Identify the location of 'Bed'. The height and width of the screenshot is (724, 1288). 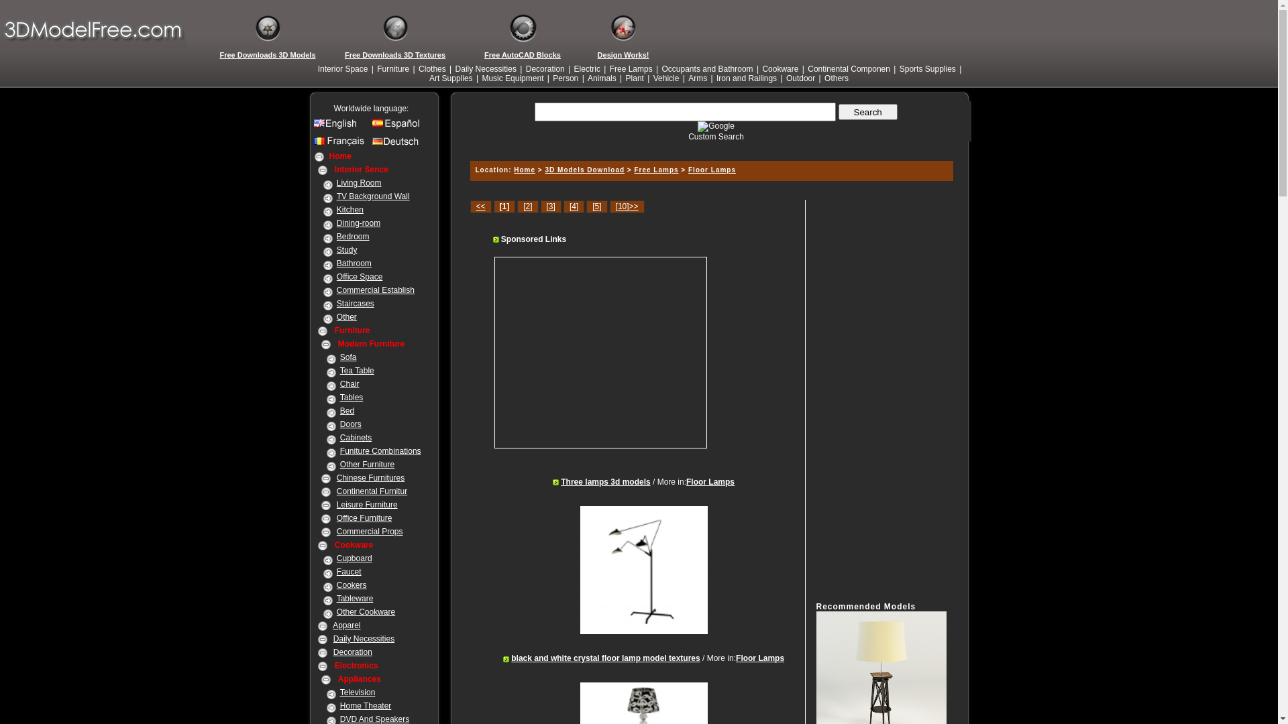
(347, 410).